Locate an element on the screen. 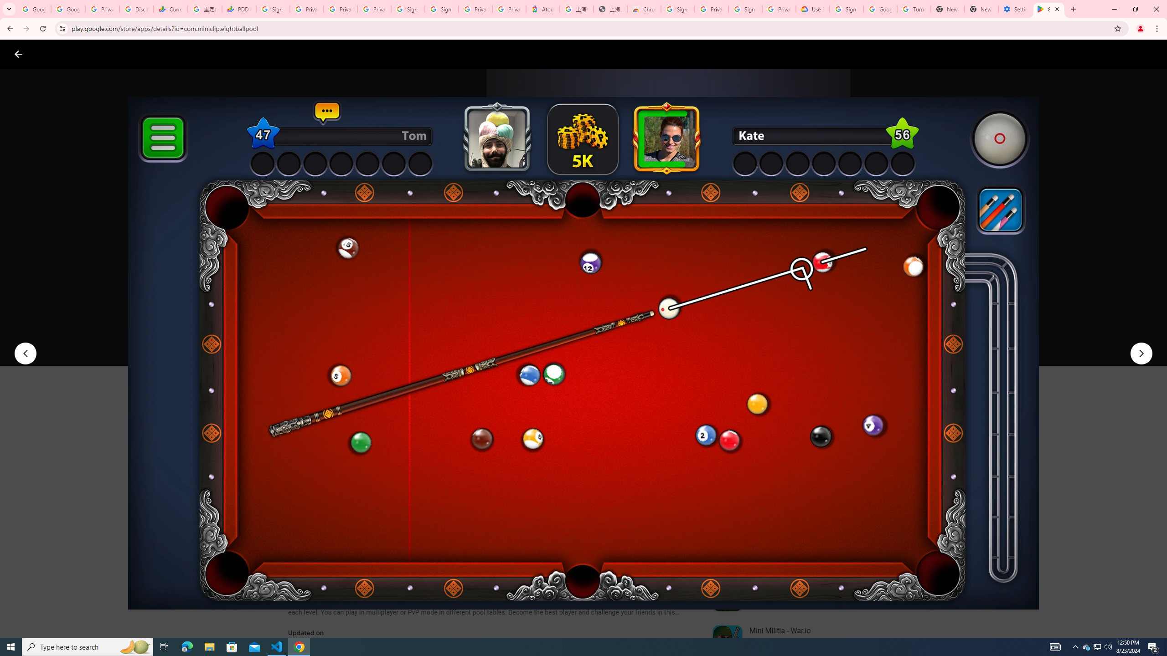 The width and height of the screenshot is (1167, 656). 'Sign in - Google Accounts' is located at coordinates (846, 9).